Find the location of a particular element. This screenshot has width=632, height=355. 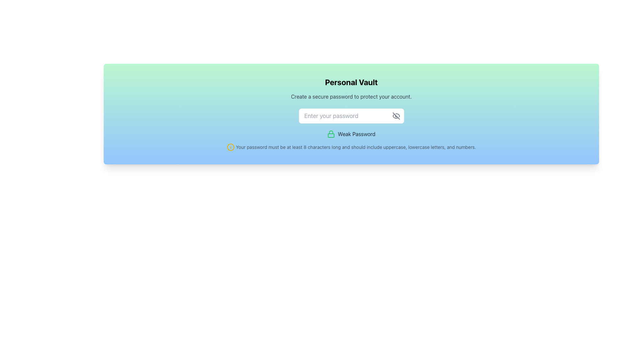

the 'Personal Vault' text label, which is styled with large bold letters and serves as the header of a section on a gradient background is located at coordinates (351, 82).